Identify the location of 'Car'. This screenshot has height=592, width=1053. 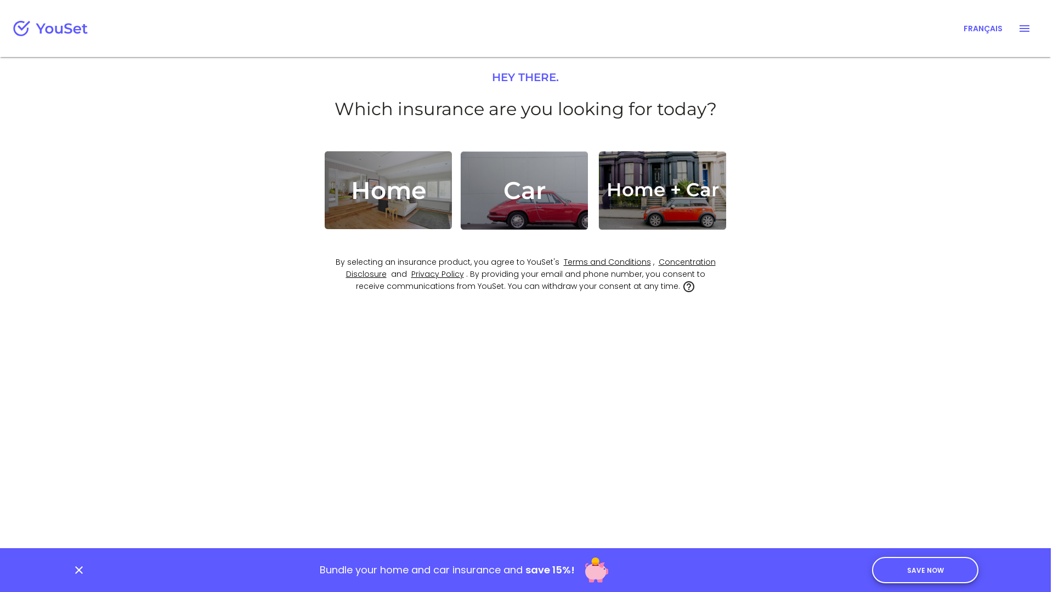
(523, 190).